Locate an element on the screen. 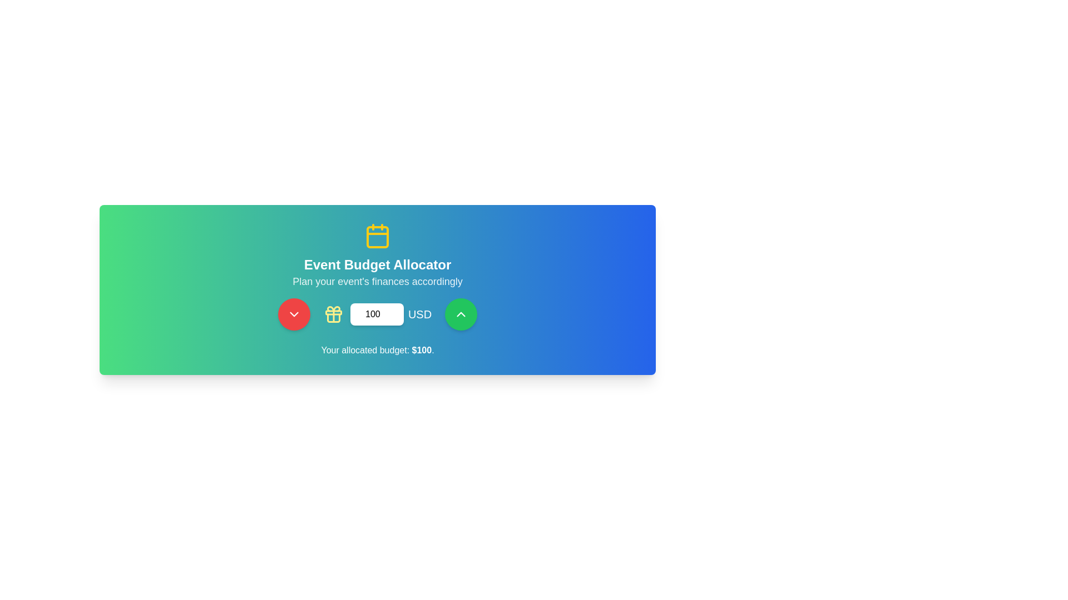 The image size is (1068, 600). the down chevron icon within the red circular button located below the title 'Event Budget Allocator' is located at coordinates (294, 314).